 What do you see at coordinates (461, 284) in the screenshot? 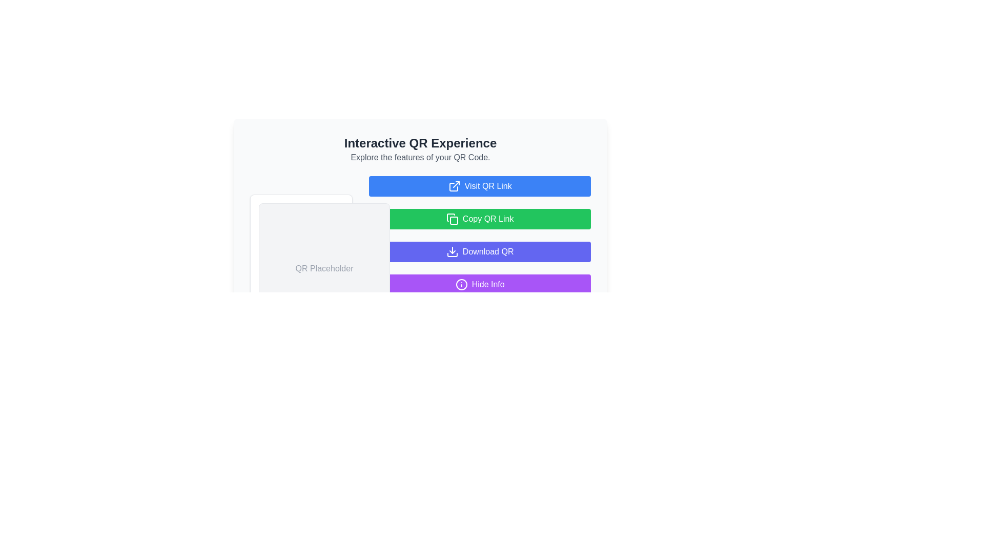
I see `the SVG Circle element styled without fill and with a stroke, part of an information icon located in the bottom right of the interface near the 'Hide Info' button` at bounding box center [461, 284].